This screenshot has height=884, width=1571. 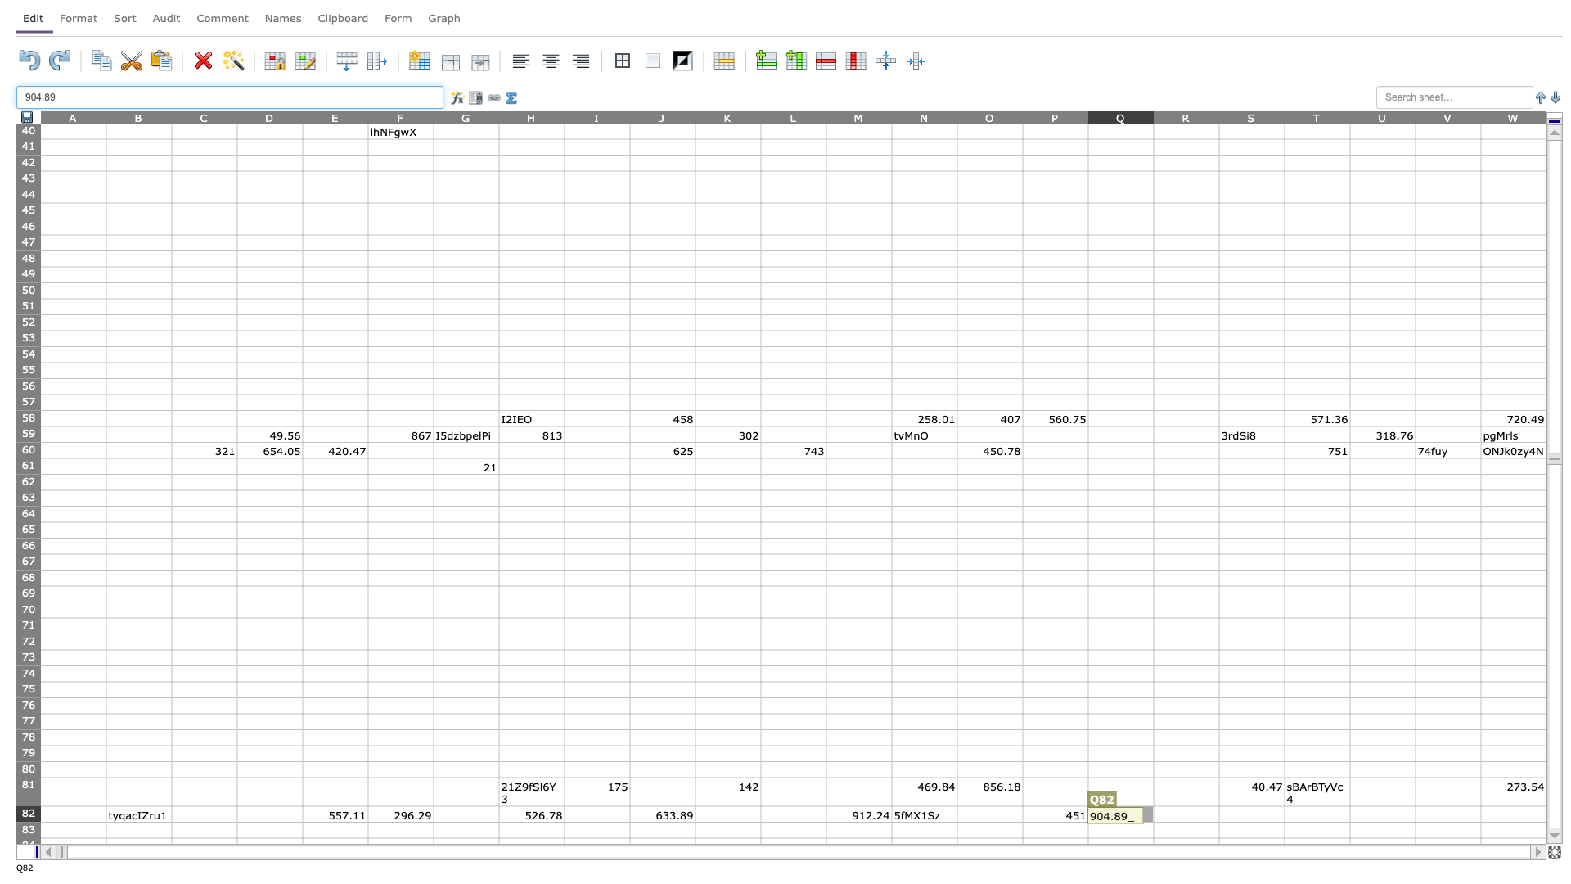 What do you see at coordinates (1218, 814) in the screenshot?
I see `Place cursor on right border of R82` at bounding box center [1218, 814].